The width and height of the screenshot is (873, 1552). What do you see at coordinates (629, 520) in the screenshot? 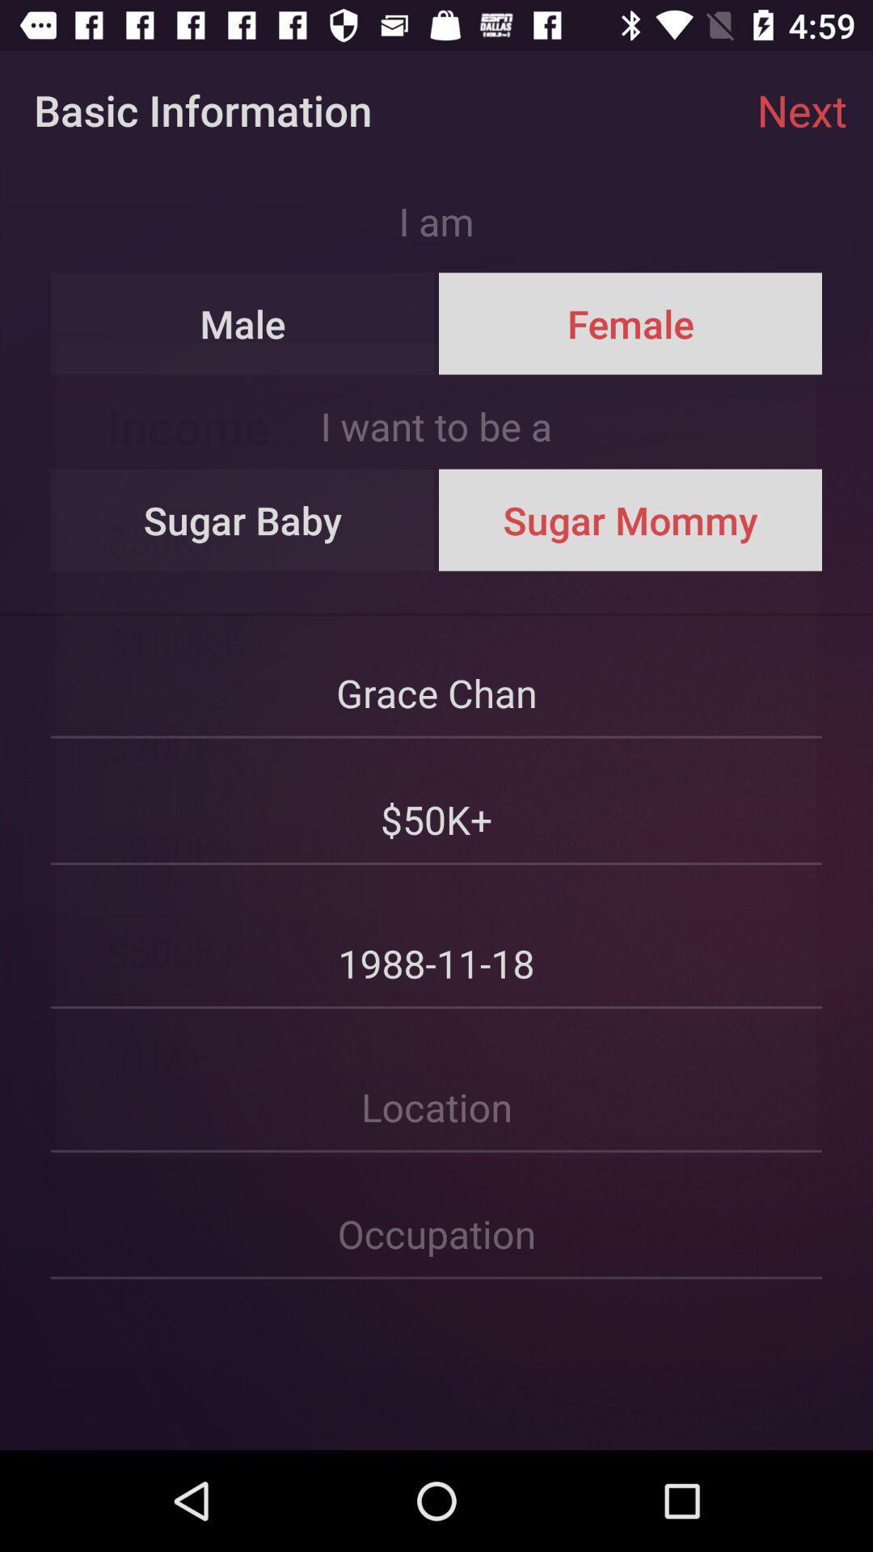
I see `the text next to the sugar baby` at bounding box center [629, 520].